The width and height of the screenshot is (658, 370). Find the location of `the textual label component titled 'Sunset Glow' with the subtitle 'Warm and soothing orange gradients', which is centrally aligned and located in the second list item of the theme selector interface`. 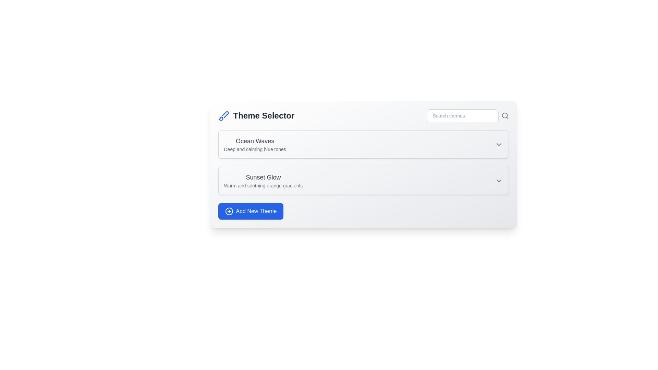

the textual label component titled 'Sunset Glow' with the subtitle 'Warm and soothing orange gradients', which is centrally aligned and located in the second list item of the theme selector interface is located at coordinates (263, 181).